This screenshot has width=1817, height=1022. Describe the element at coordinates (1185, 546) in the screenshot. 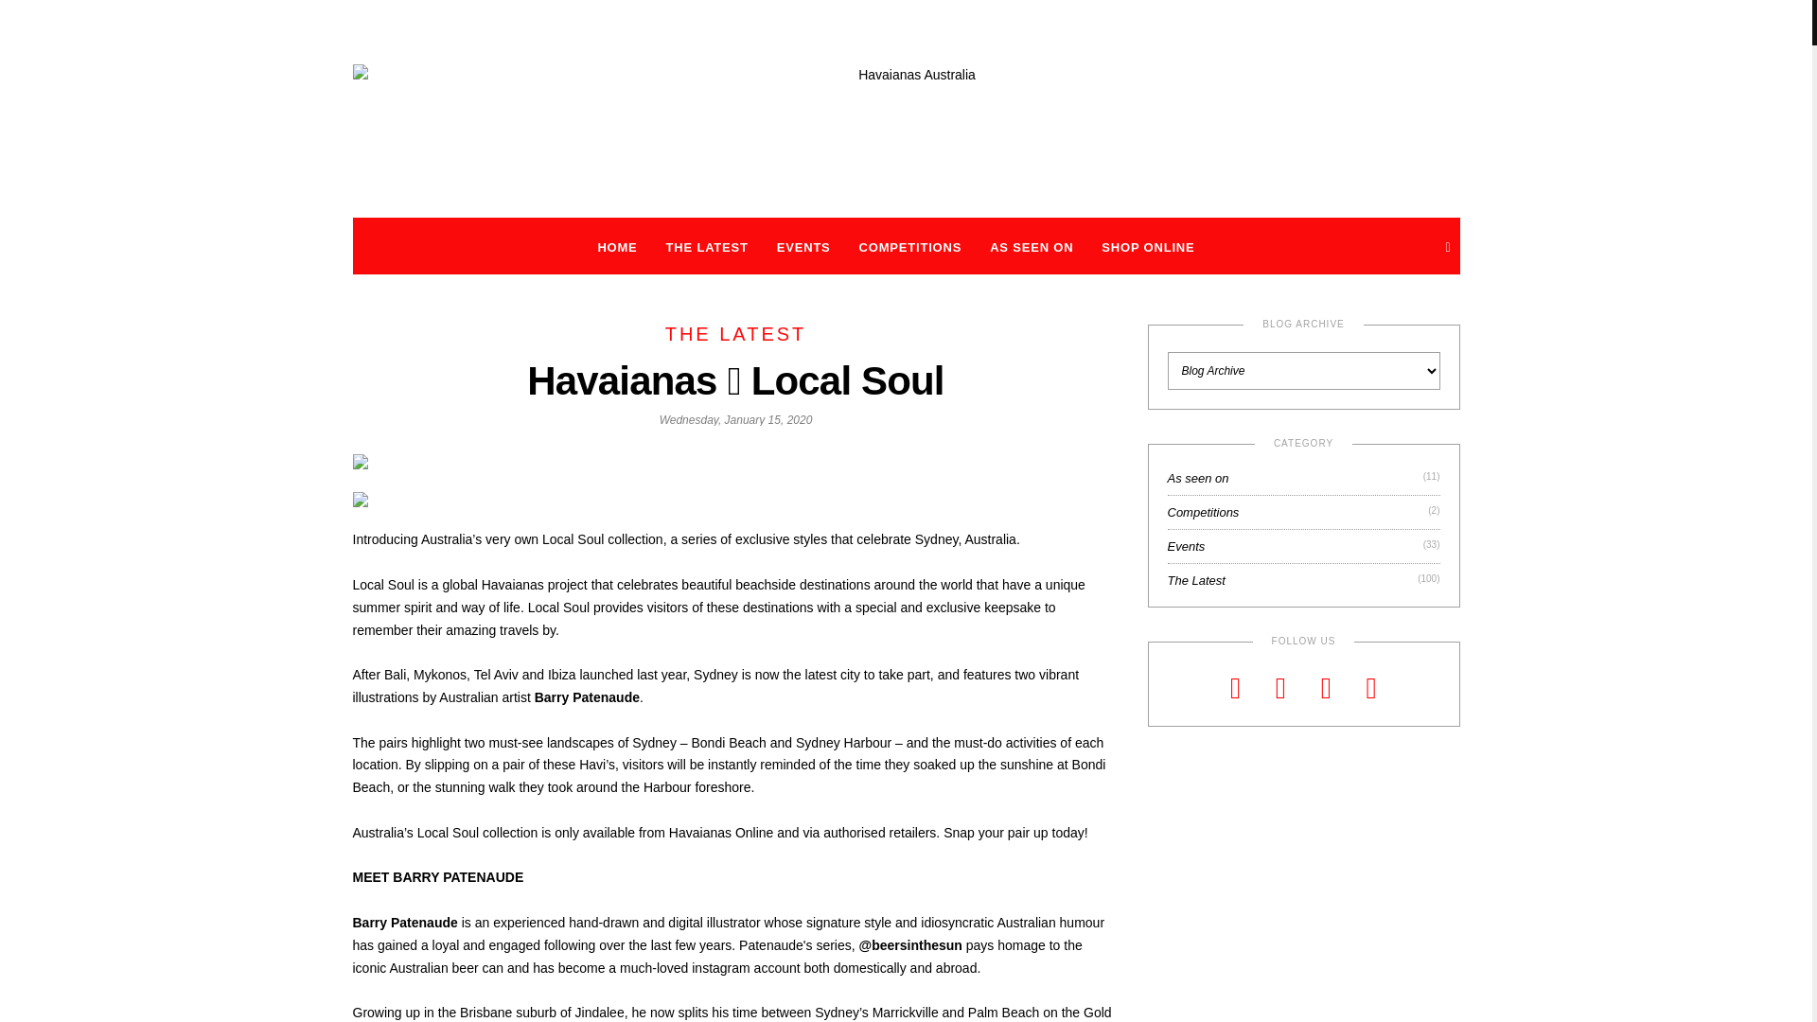

I see `'Events'` at that location.